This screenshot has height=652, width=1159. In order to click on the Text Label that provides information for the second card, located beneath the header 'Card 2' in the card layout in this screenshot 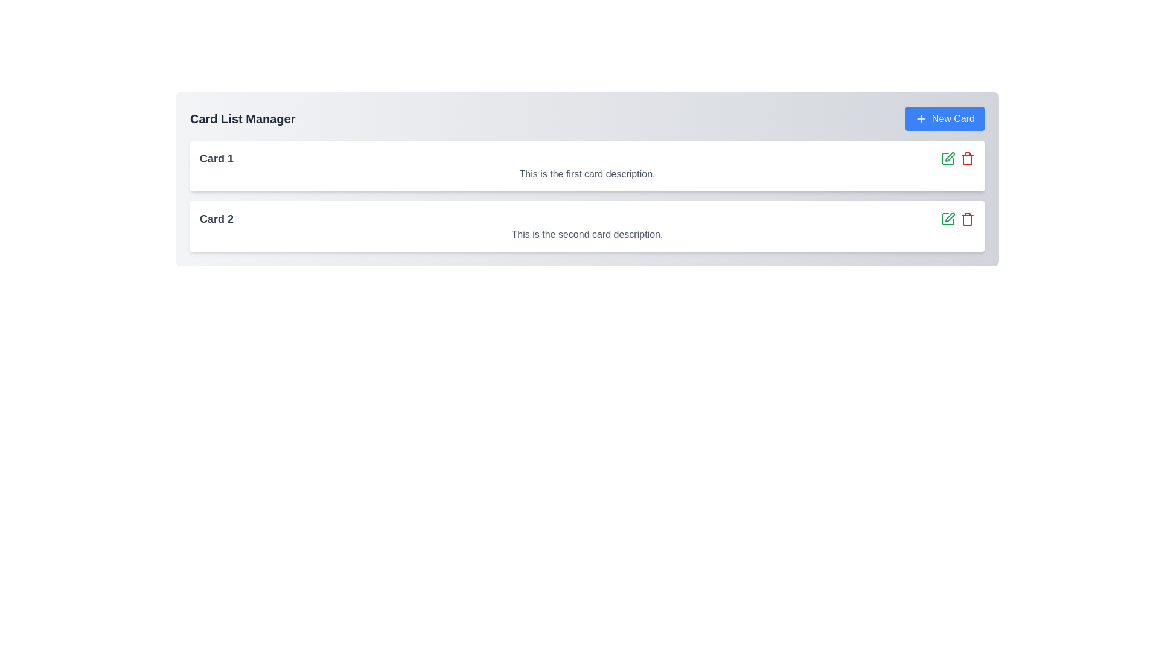, I will do `click(587, 235)`.